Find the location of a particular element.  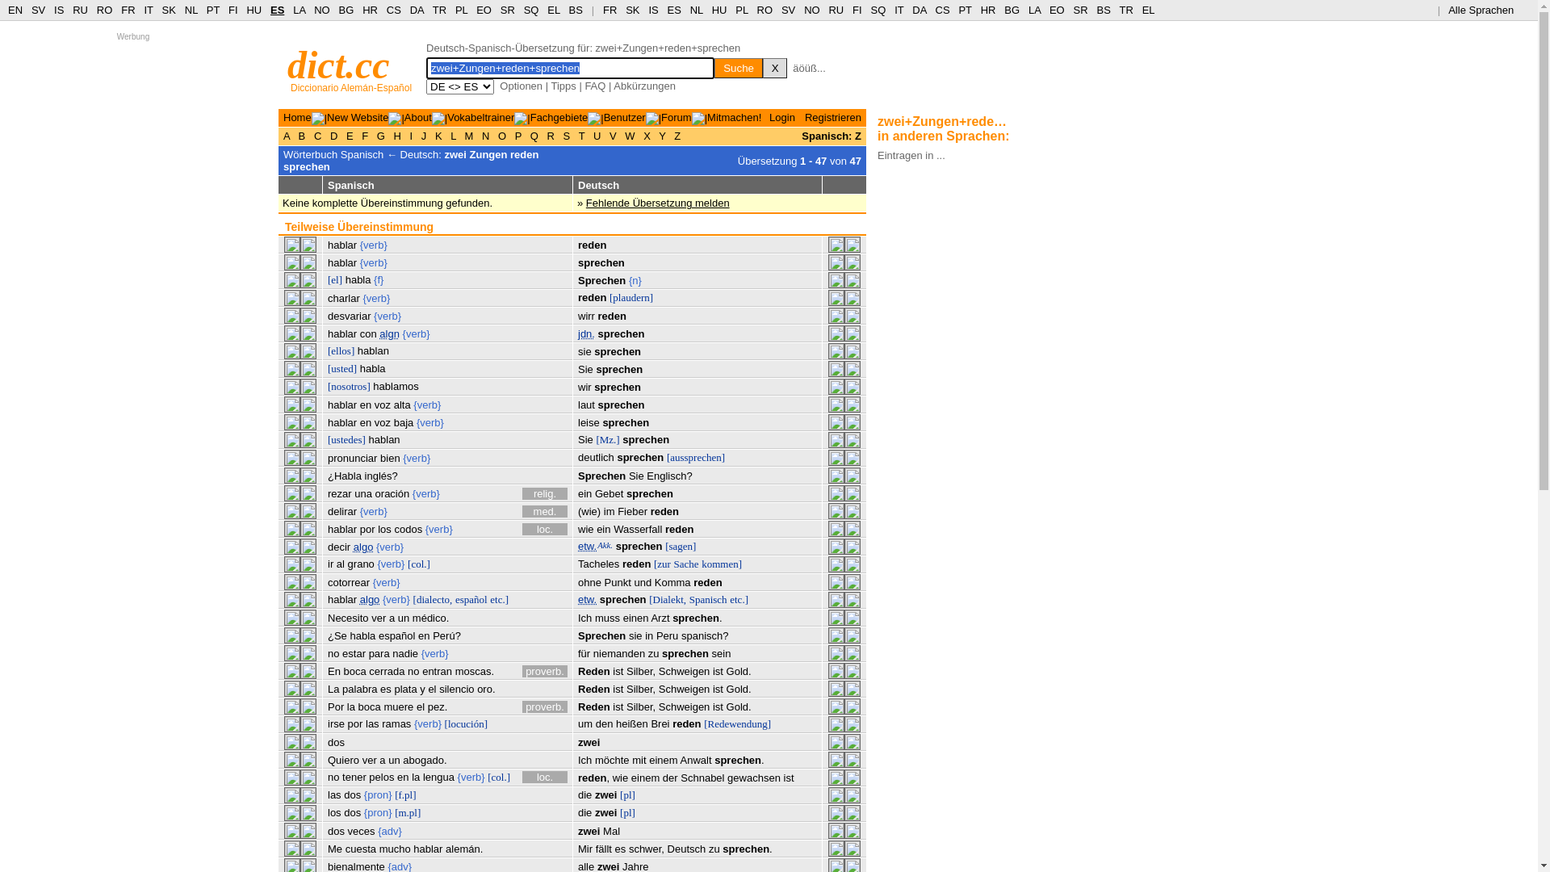

'[nosotros]' is located at coordinates (348, 386).